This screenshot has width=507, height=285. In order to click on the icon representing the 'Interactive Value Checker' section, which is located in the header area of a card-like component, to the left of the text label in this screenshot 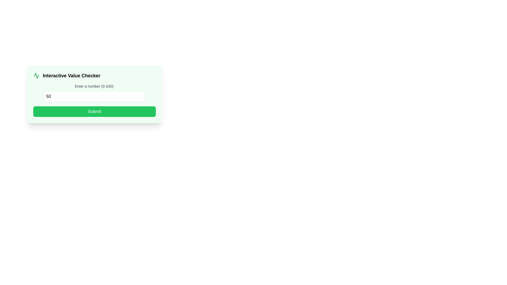, I will do `click(36, 75)`.